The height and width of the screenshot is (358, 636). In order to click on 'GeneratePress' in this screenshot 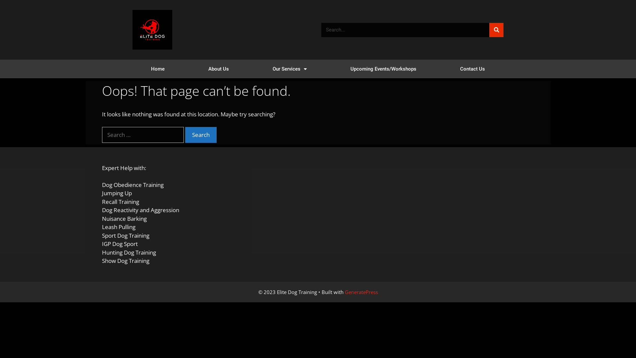, I will do `click(344, 291)`.